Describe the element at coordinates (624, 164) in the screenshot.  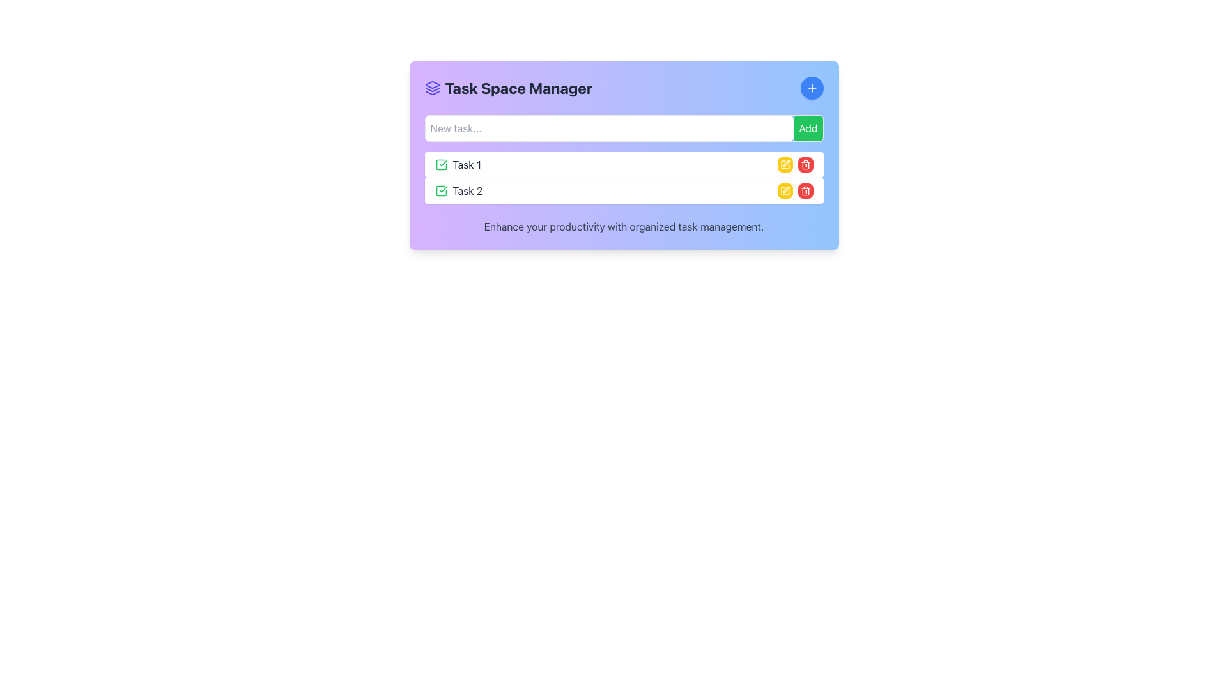
I see `the first task item in the 'Task Space Manager' interface` at that location.